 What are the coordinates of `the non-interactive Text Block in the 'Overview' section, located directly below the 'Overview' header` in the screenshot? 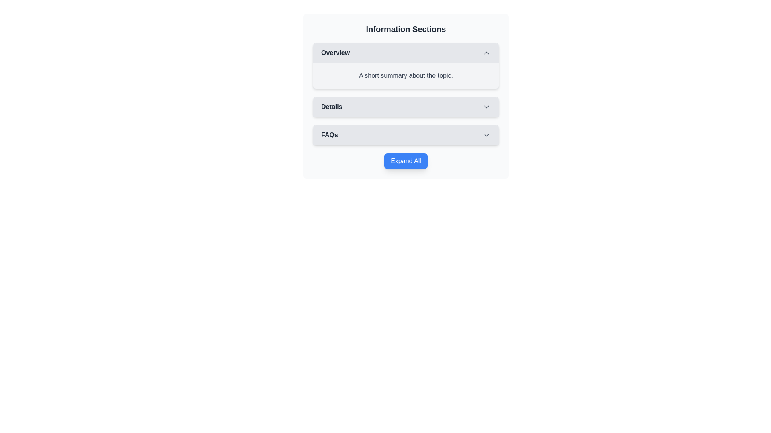 It's located at (406, 75).